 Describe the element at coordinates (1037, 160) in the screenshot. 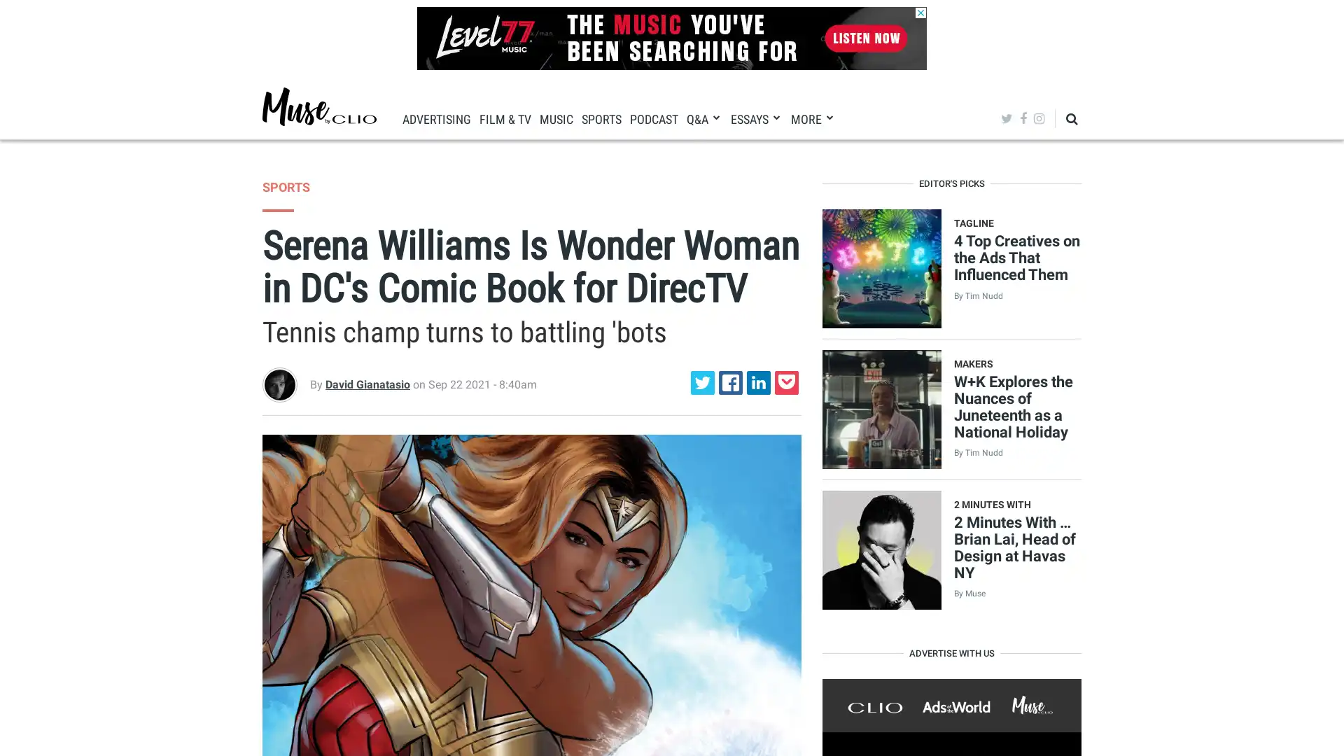

I see `Go` at that location.